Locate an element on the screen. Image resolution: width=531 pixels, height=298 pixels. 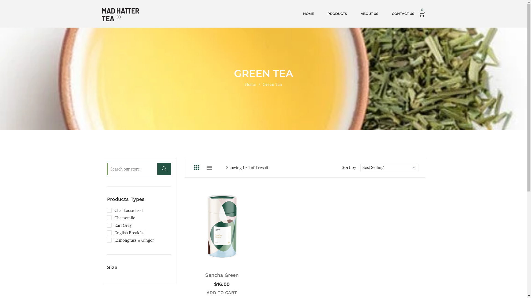
'CONTACT US' is located at coordinates (403, 14).